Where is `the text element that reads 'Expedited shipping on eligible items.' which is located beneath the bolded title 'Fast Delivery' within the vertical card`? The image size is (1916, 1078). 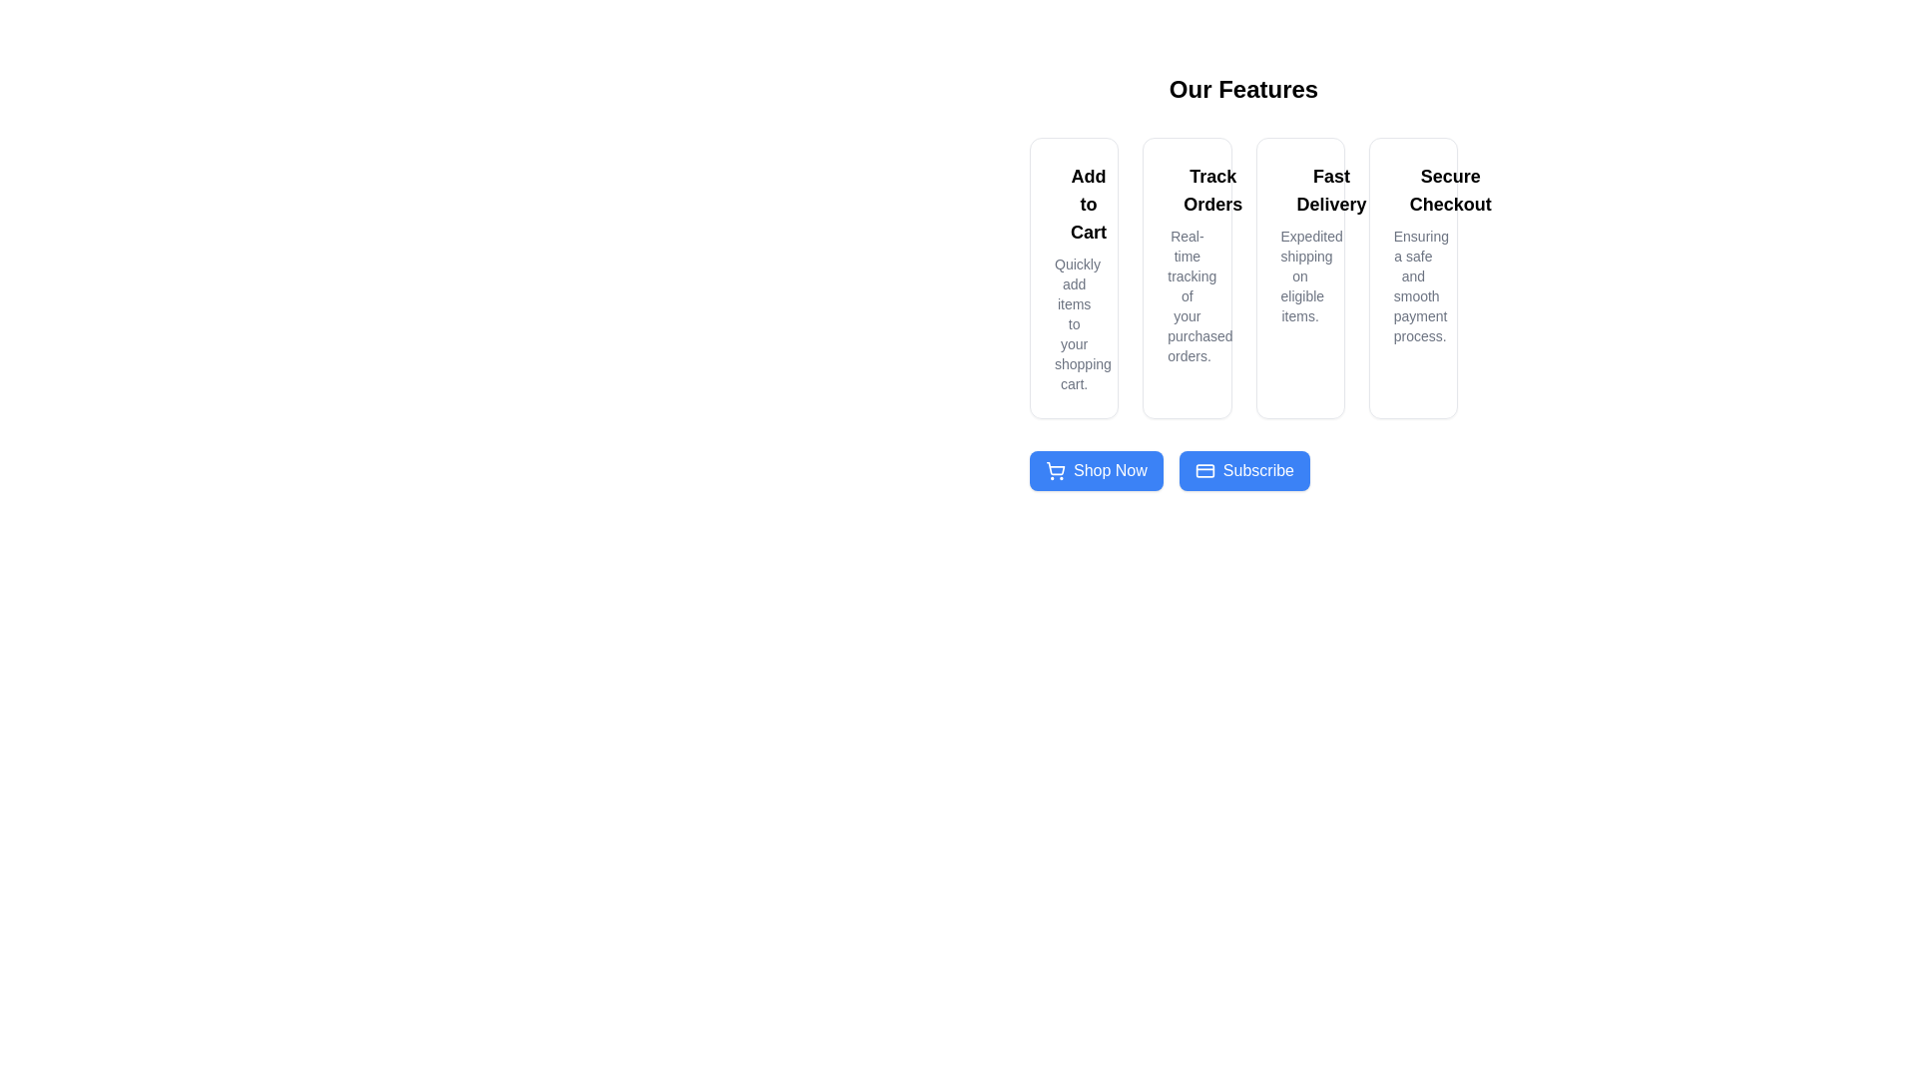
the text element that reads 'Expedited shipping on eligible items.' which is located beneath the bolded title 'Fast Delivery' within the vertical card is located at coordinates (1300, 276).